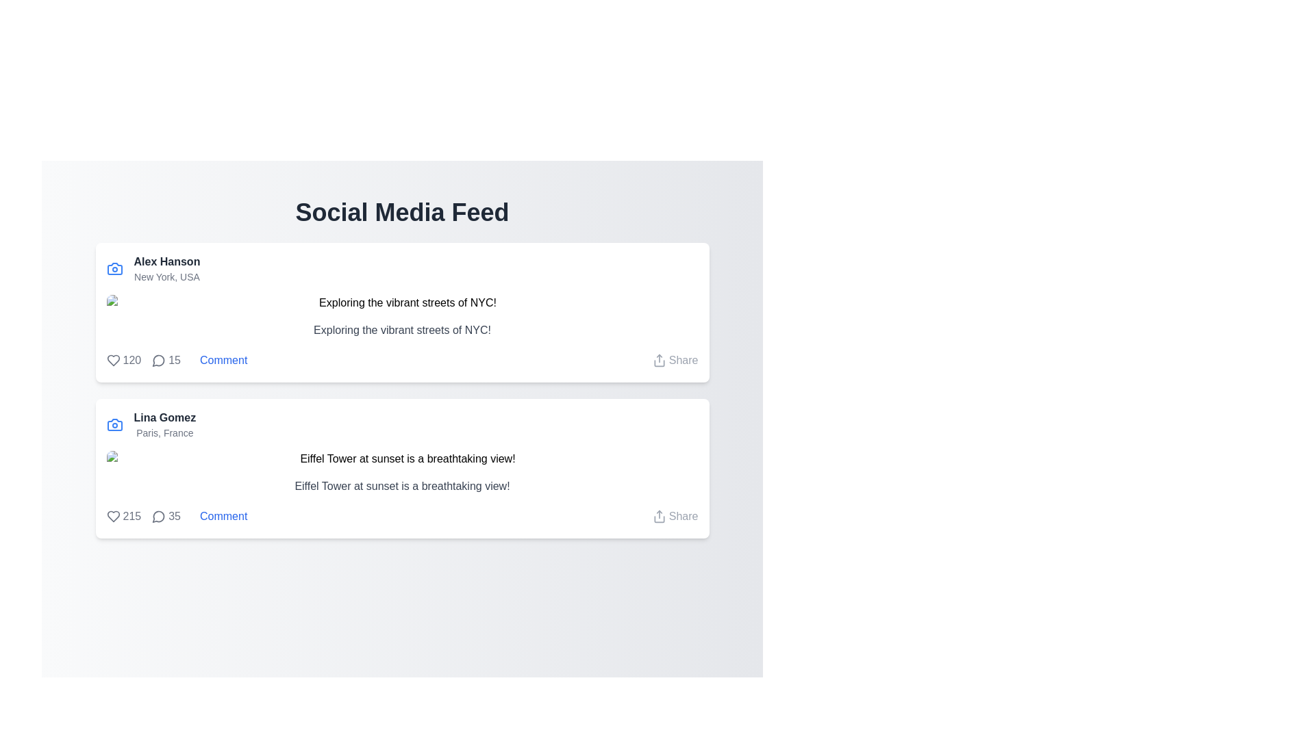 This screenshot has width=1315, height=739. What do you see at coordinates (164, 424) in the screenshot?
I see `the text label displaying the user's name and location in the top-left corner of the second post in the social media feed` at bounding box center [164, 424].